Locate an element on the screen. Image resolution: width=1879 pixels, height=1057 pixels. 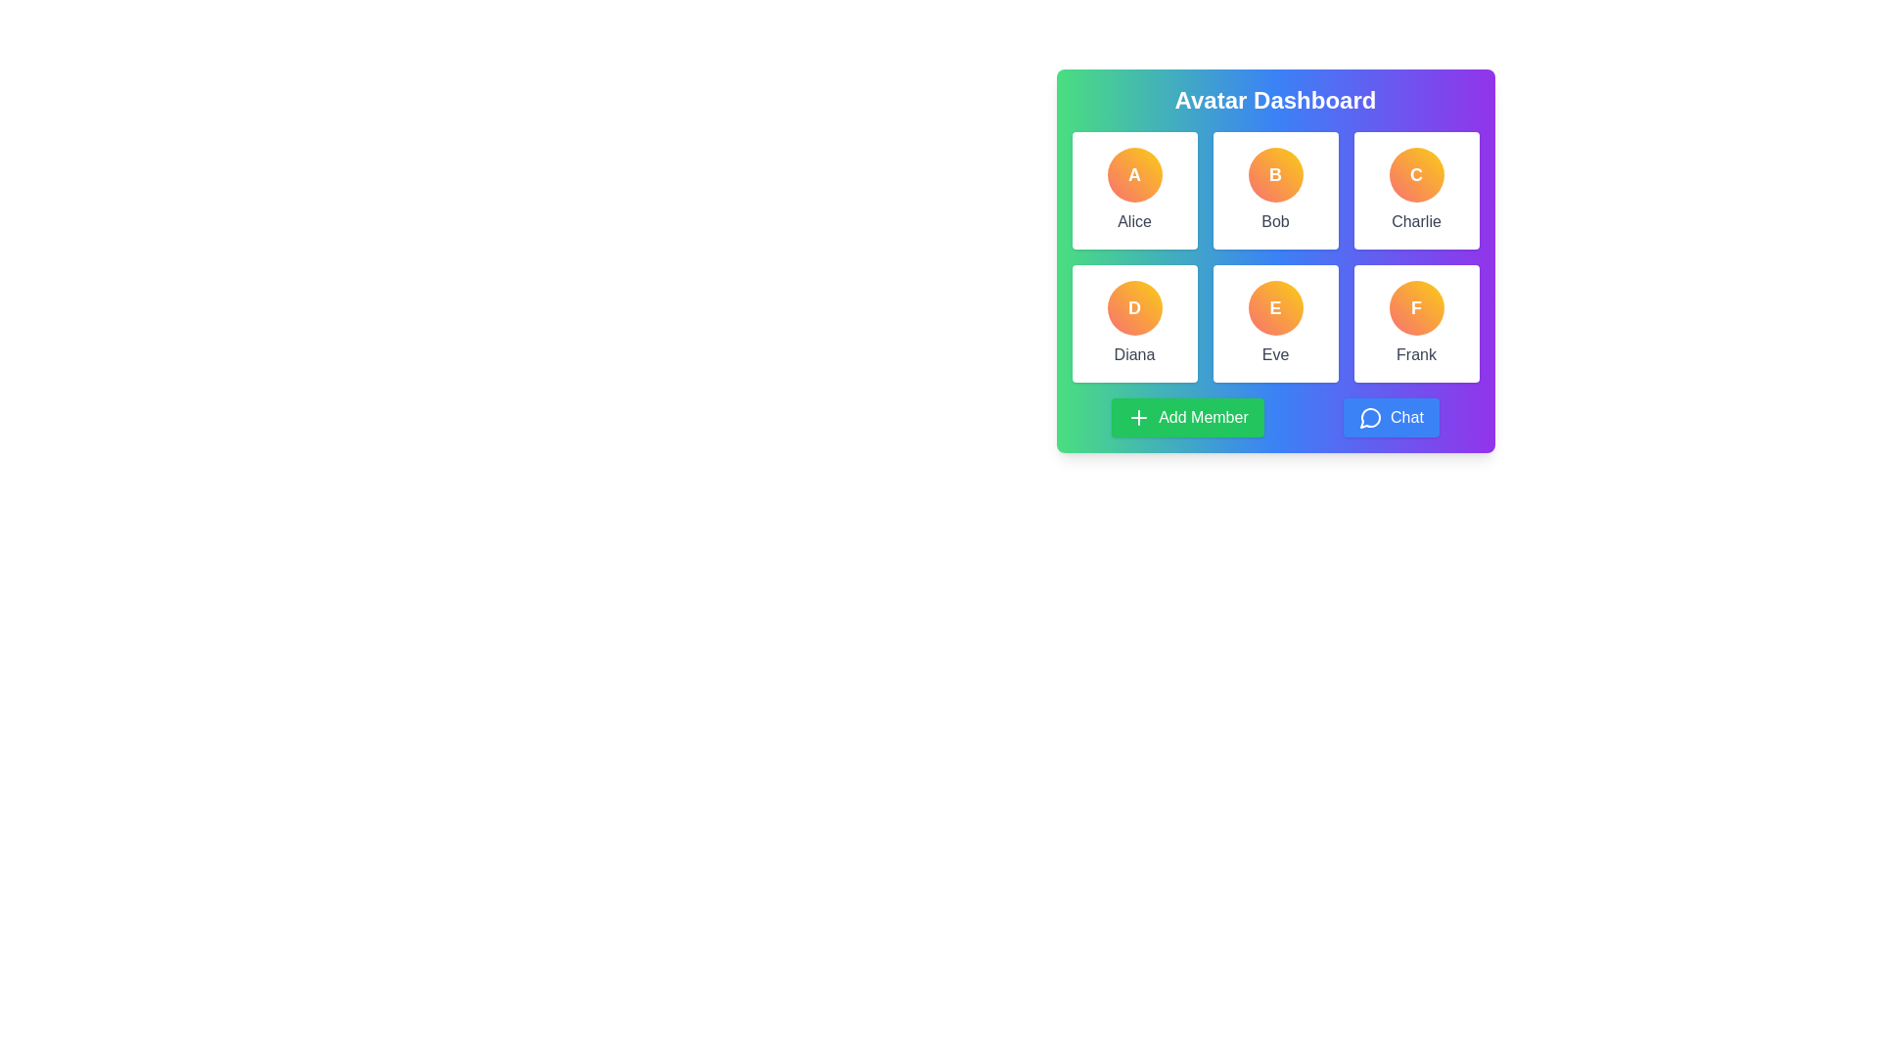
the profile card representing user 'Alice' in the Avatar Dashboard section is located at coordinates (1134, 191).